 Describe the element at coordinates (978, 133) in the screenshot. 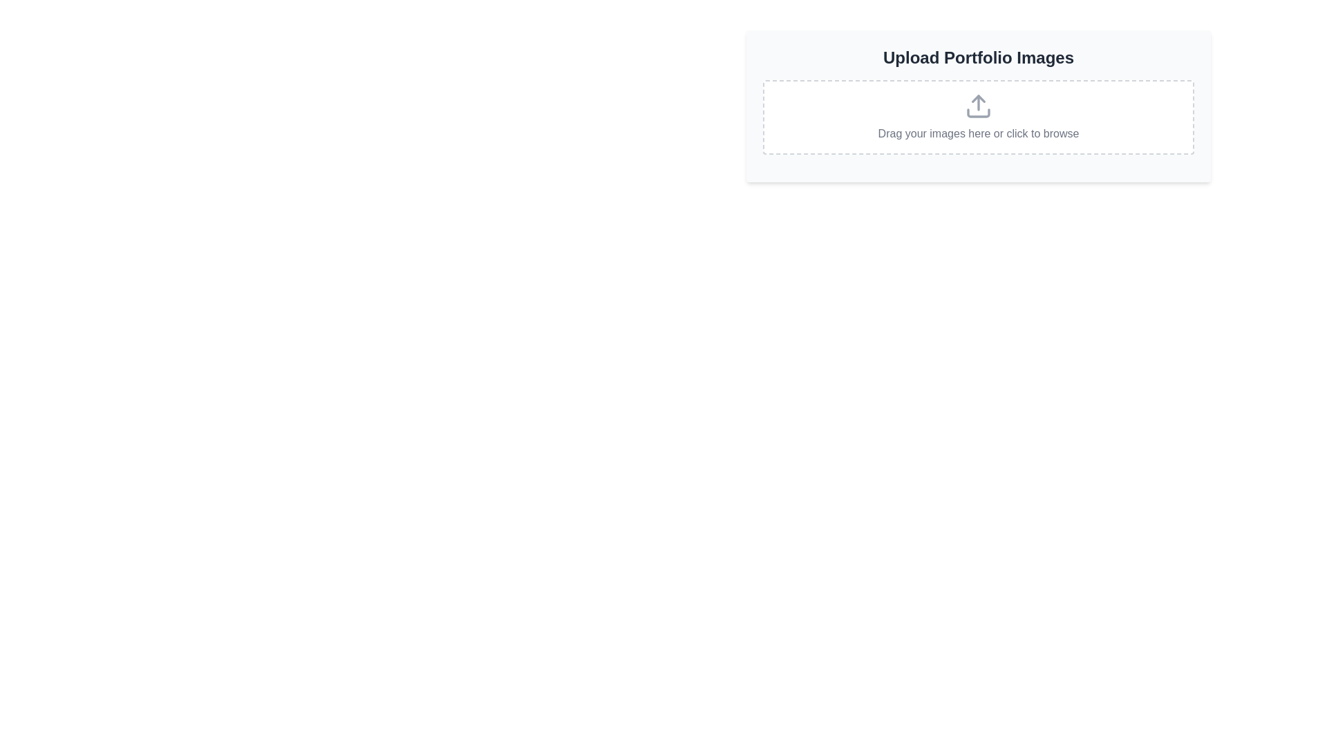

I see `the instructional text labeled 'Drag your images here or click to browse'` at that location.